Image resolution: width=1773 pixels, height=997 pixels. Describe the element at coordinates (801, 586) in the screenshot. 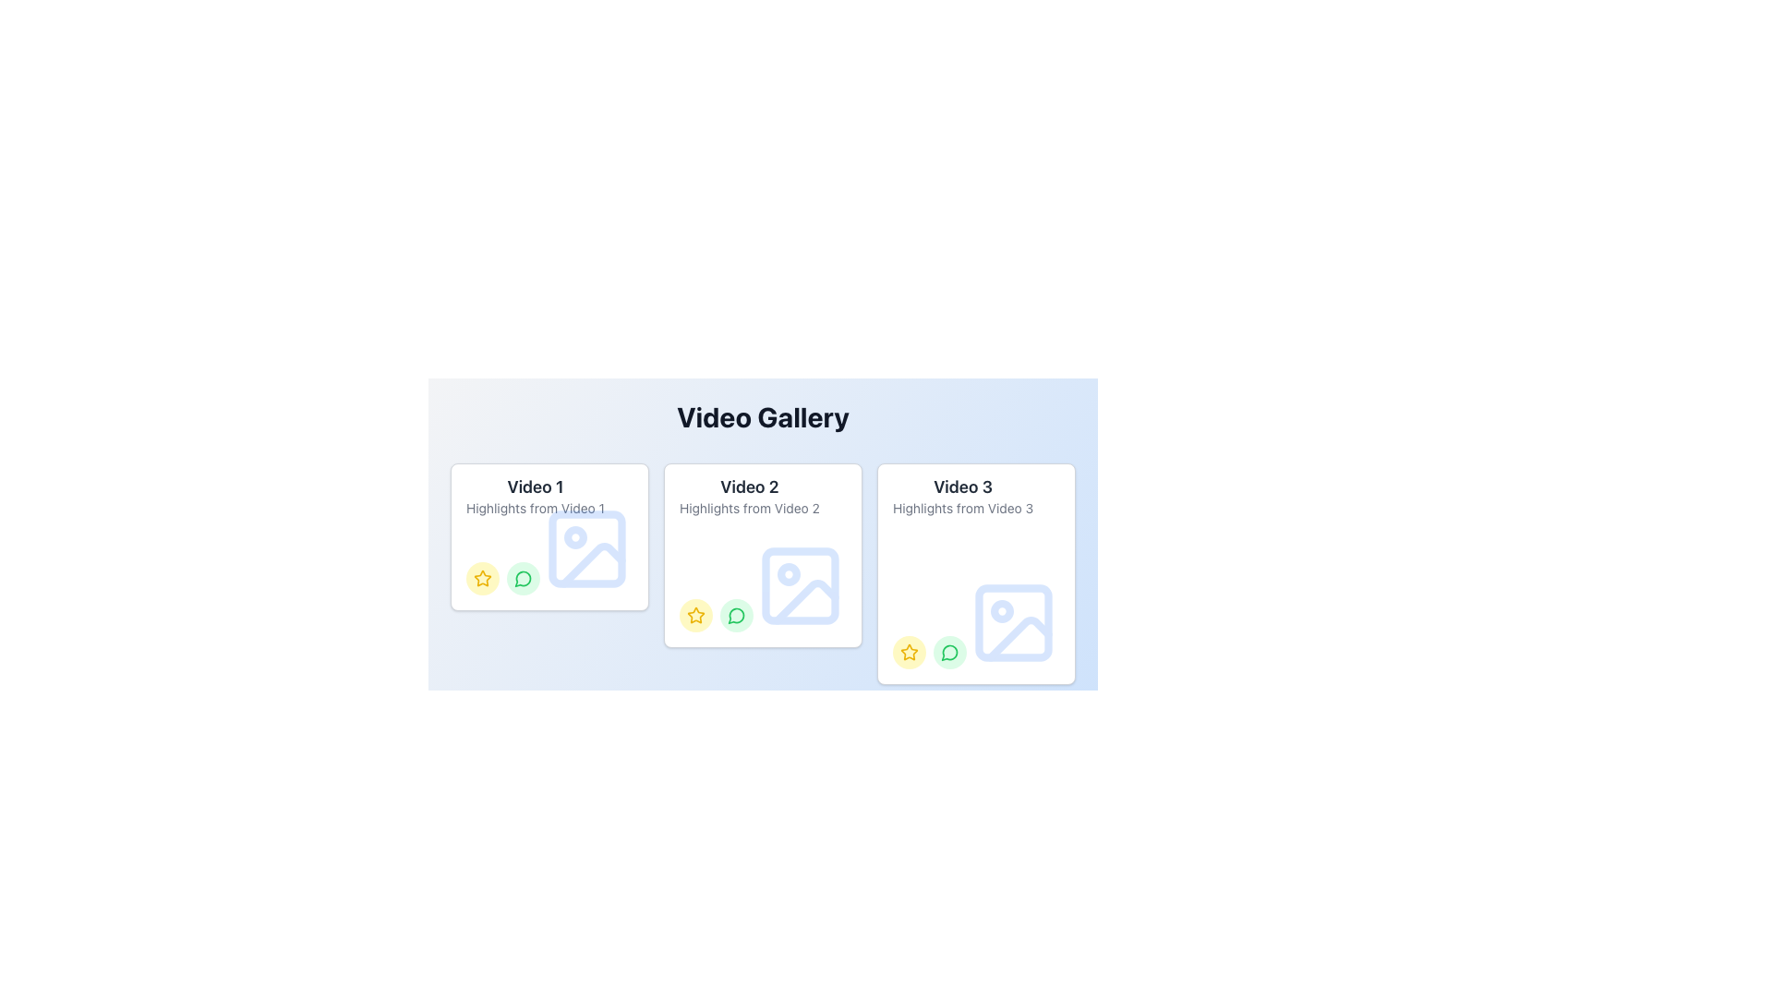

I see `the semi-transparent blue icon with a rectangle outline, circle, and diagonal line that is located in the 'Video 2' card gallery display` at that location.